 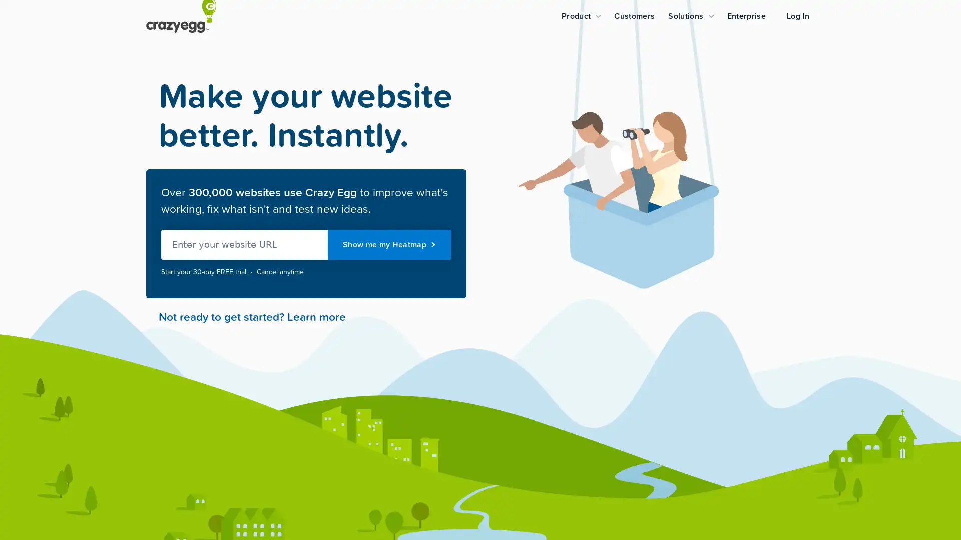 What do you see at coordinates (388, 244) in the screenshot?
I see `Show me my Heatmap` at bounding box center [388, 244].